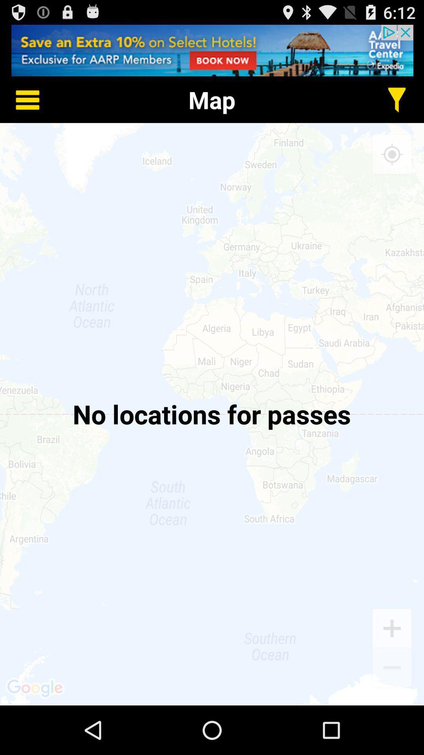 The height and width of the screenshot is (755, 424). I want to click on options, so click(22, 99).